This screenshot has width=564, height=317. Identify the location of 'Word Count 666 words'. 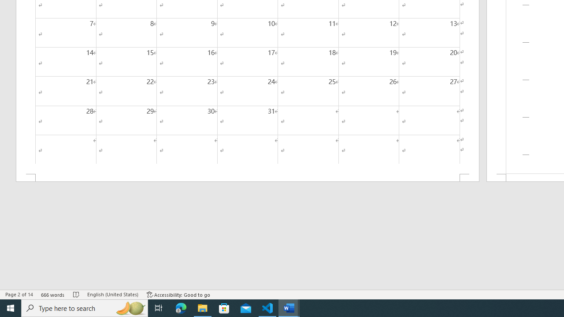
(52, 295).